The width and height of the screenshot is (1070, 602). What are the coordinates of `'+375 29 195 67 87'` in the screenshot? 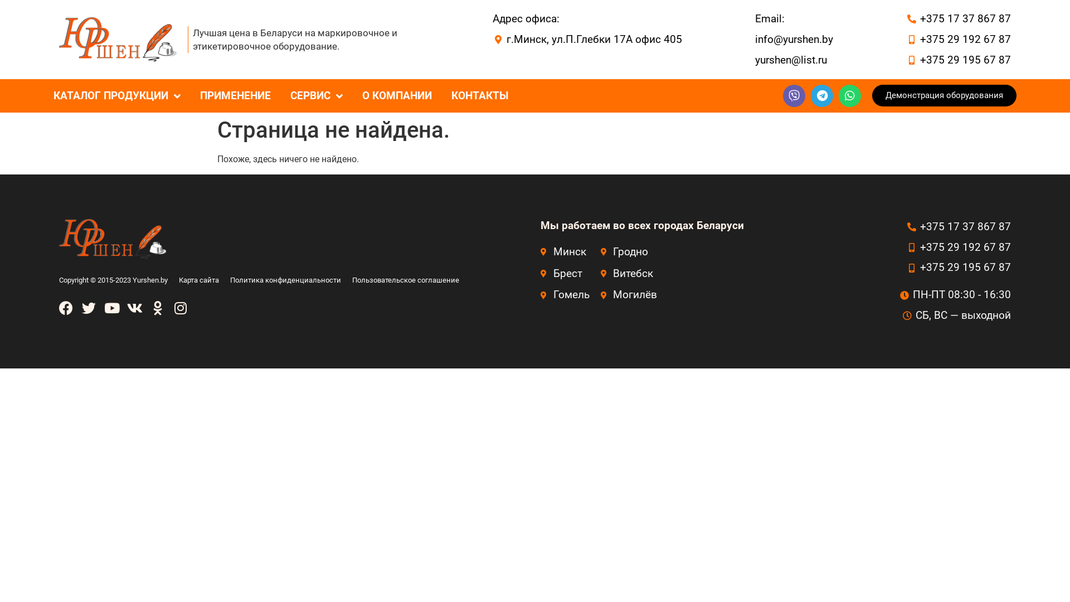 It's located at (957, 268).